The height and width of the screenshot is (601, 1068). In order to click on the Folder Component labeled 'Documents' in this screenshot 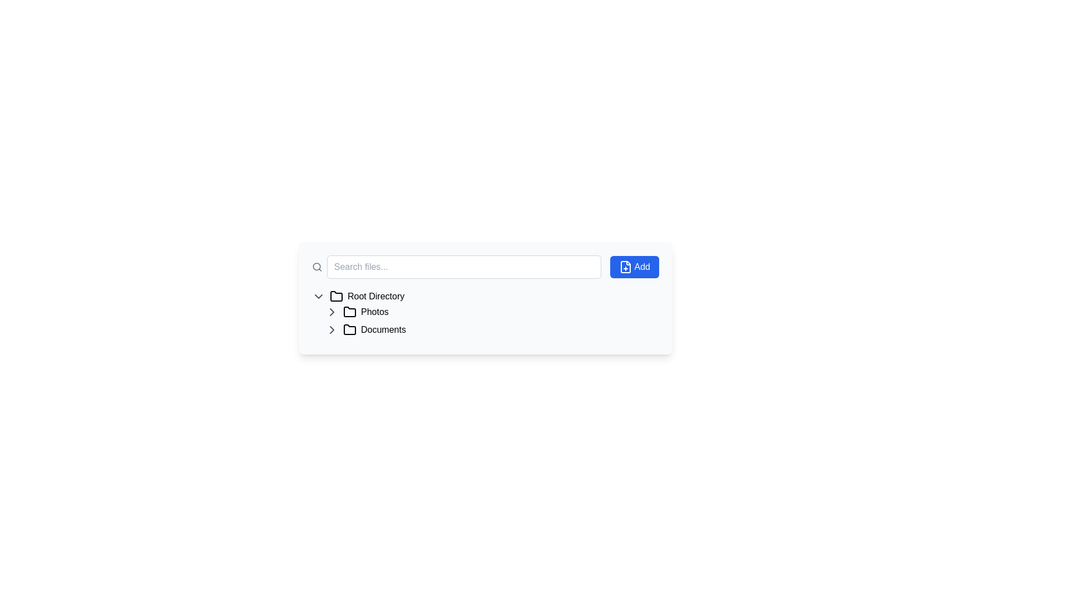, I will do `click(491, 329)`.